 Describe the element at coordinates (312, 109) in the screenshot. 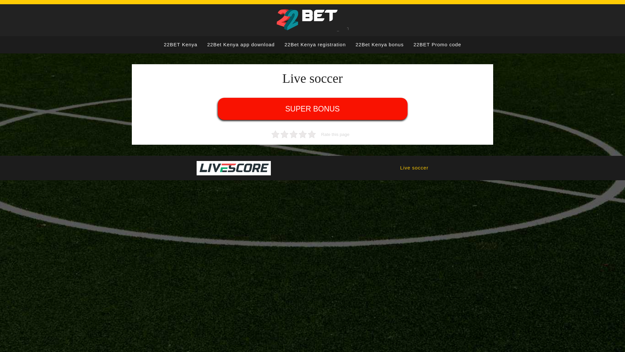

I see `'SUPER BONUS'` at that location.